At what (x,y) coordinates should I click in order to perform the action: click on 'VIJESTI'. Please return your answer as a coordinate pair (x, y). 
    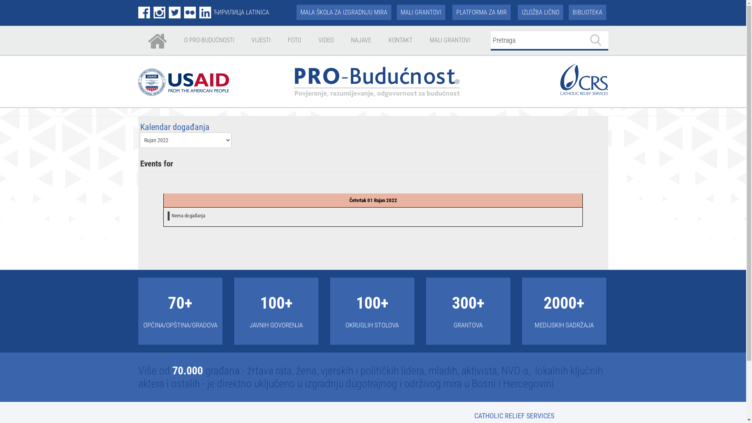
    Looking at the image, I should click on (260, 40).